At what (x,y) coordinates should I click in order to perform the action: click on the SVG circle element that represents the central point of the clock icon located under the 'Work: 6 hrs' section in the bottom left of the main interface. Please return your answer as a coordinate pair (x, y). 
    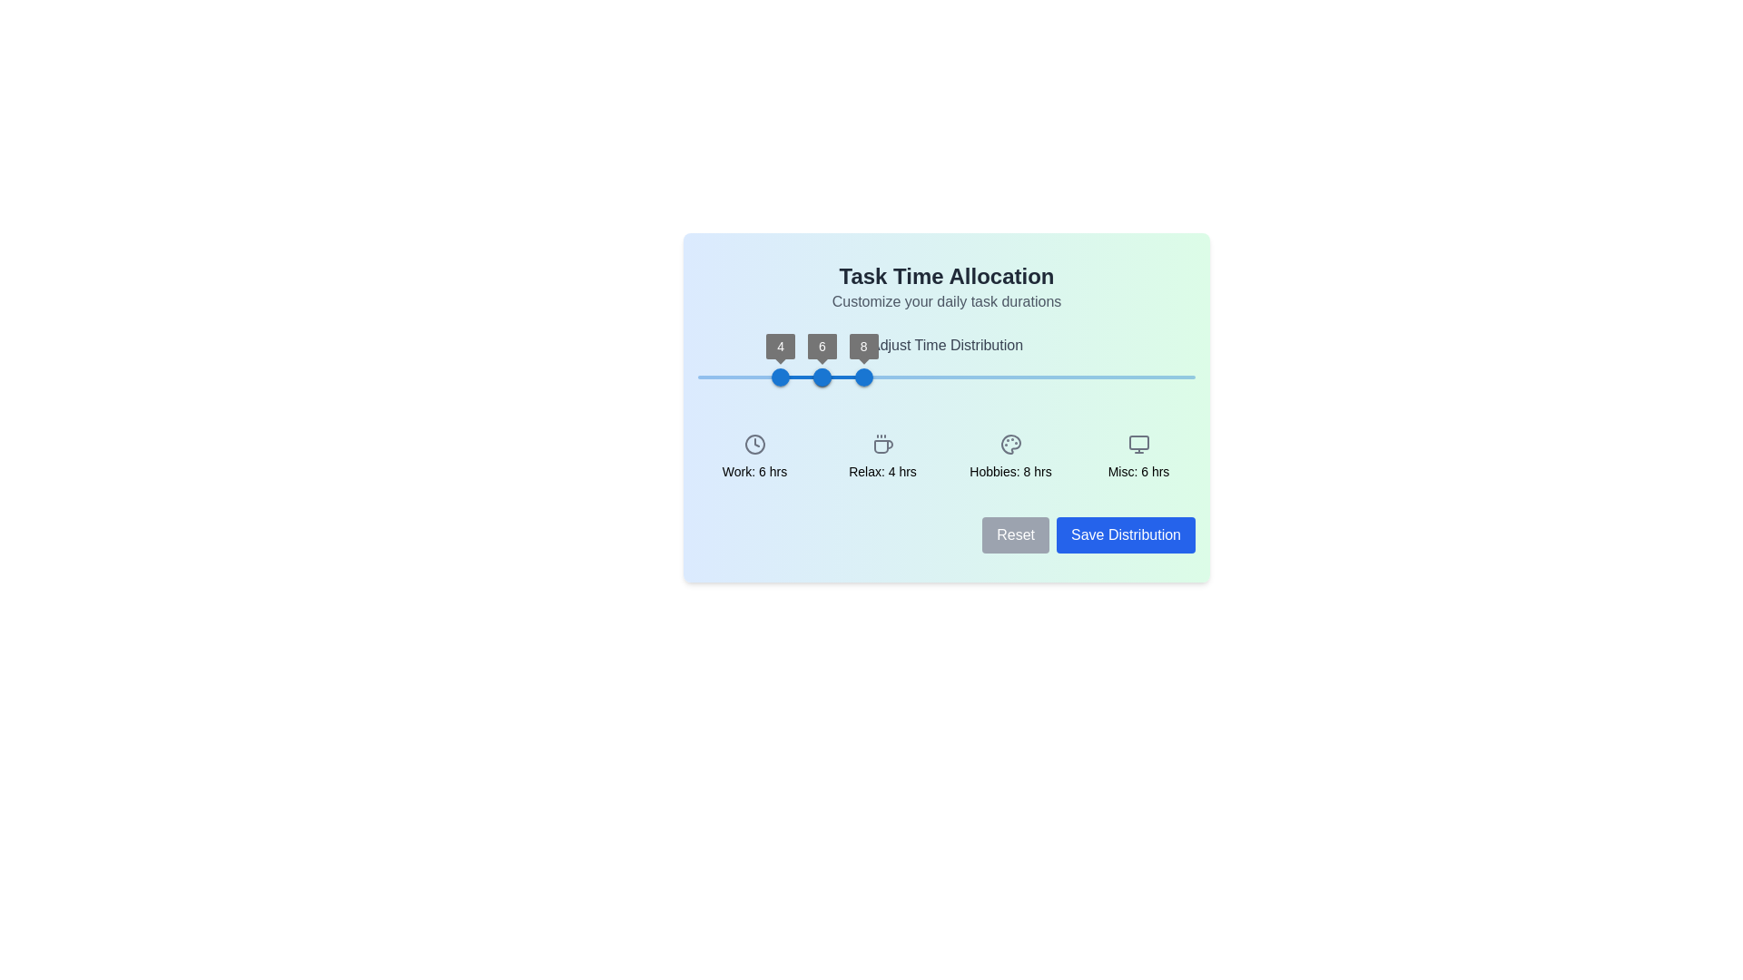
    Looking at the image, I should click on (754, 444).